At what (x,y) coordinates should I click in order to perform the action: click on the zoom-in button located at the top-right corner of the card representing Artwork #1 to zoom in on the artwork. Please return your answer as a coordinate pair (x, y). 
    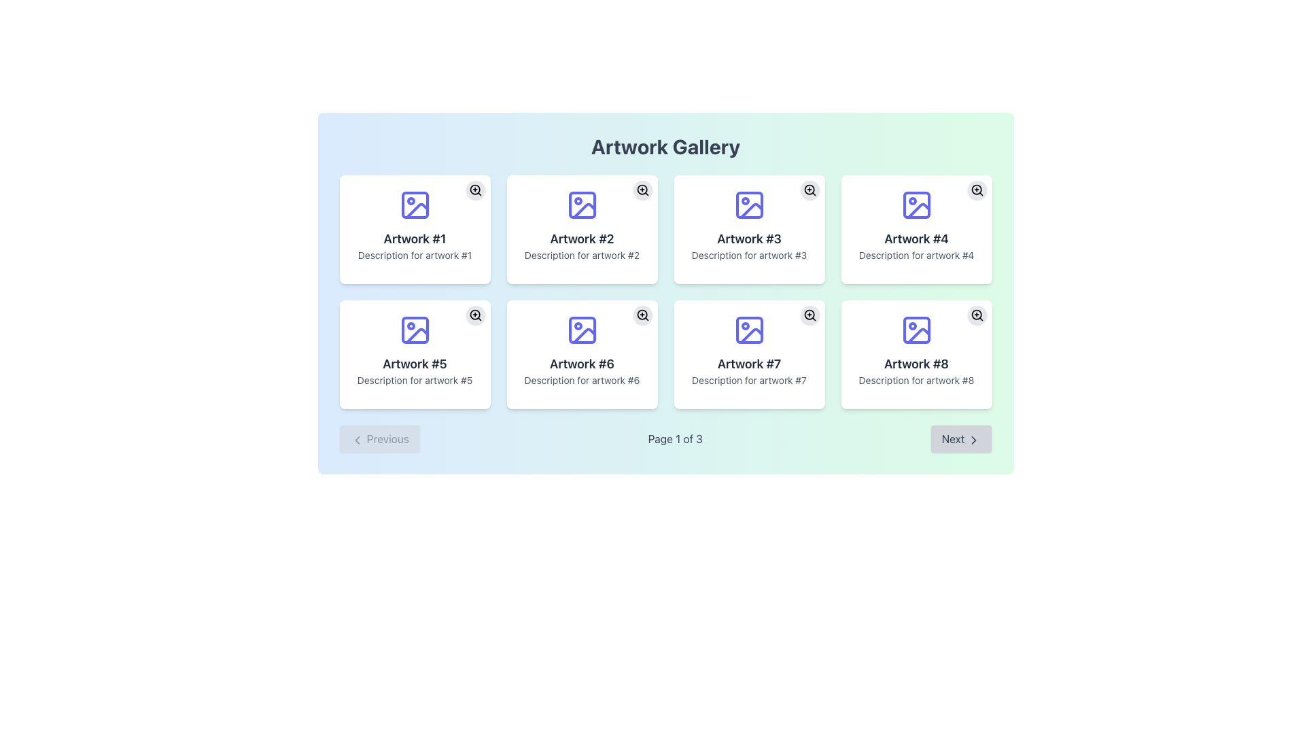
    Looking at the image, I should click on (475, 190).